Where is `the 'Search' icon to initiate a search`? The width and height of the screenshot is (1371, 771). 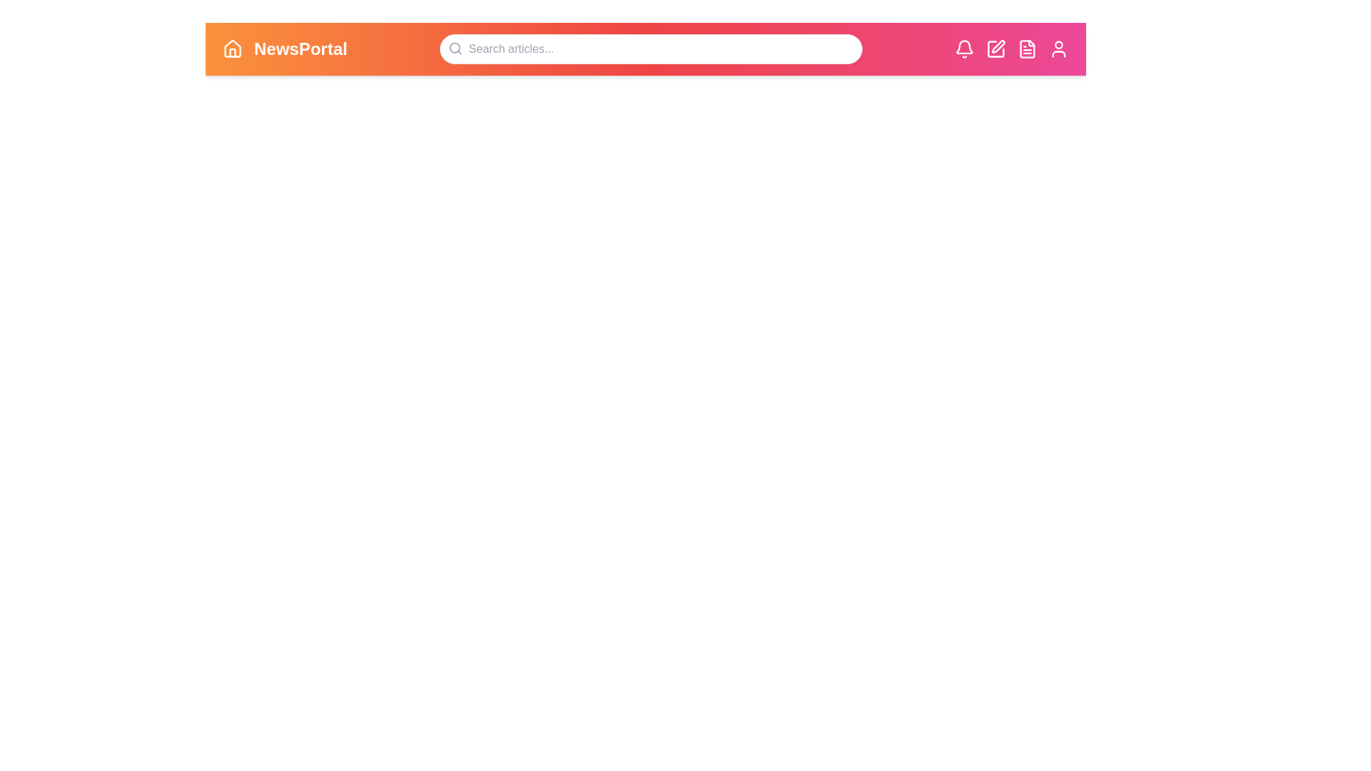 the 'Search' icon to initiate a search is located at coordinates (454, 48).